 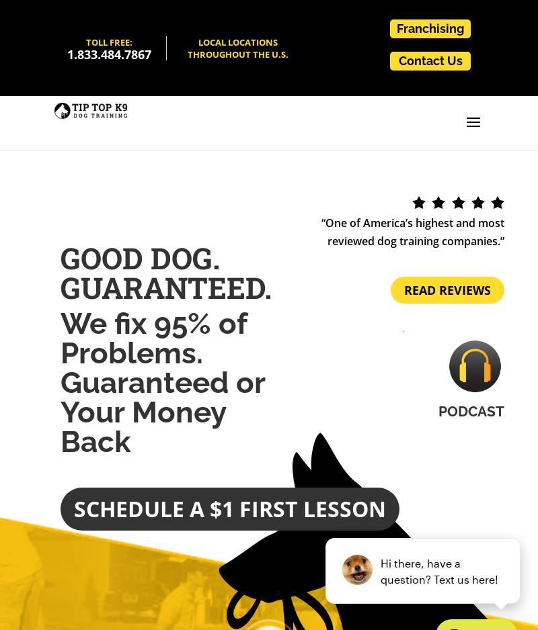 I want to click on 'Contact Us', so click(x=429, y=60).